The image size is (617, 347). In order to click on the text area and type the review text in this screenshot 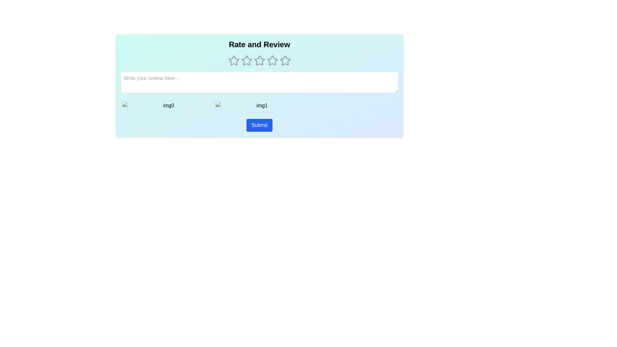, I will do `click(259, 82)`.